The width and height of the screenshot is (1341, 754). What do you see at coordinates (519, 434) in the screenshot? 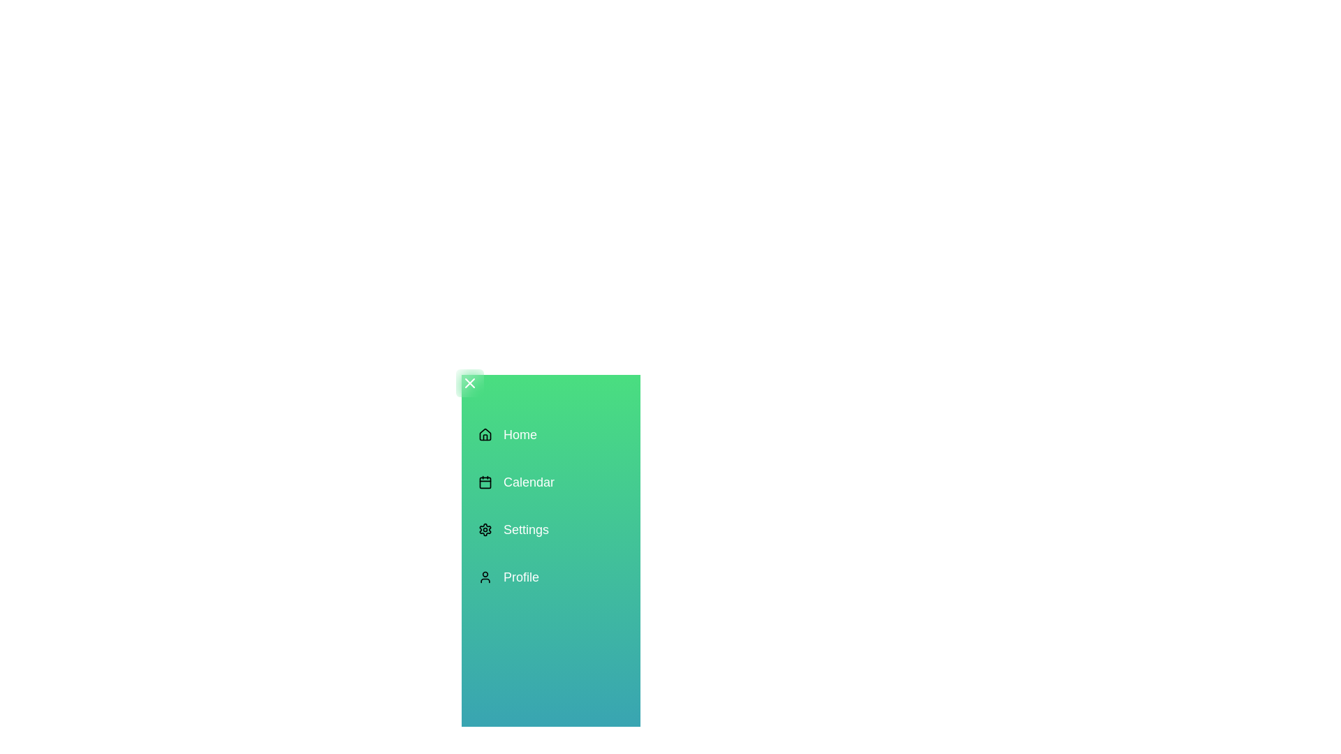
I see `the 'Home' text label in the vertical navigation menu, which is styled in white against a green background and located at the top of the menu` at bounding box center [519, 434].